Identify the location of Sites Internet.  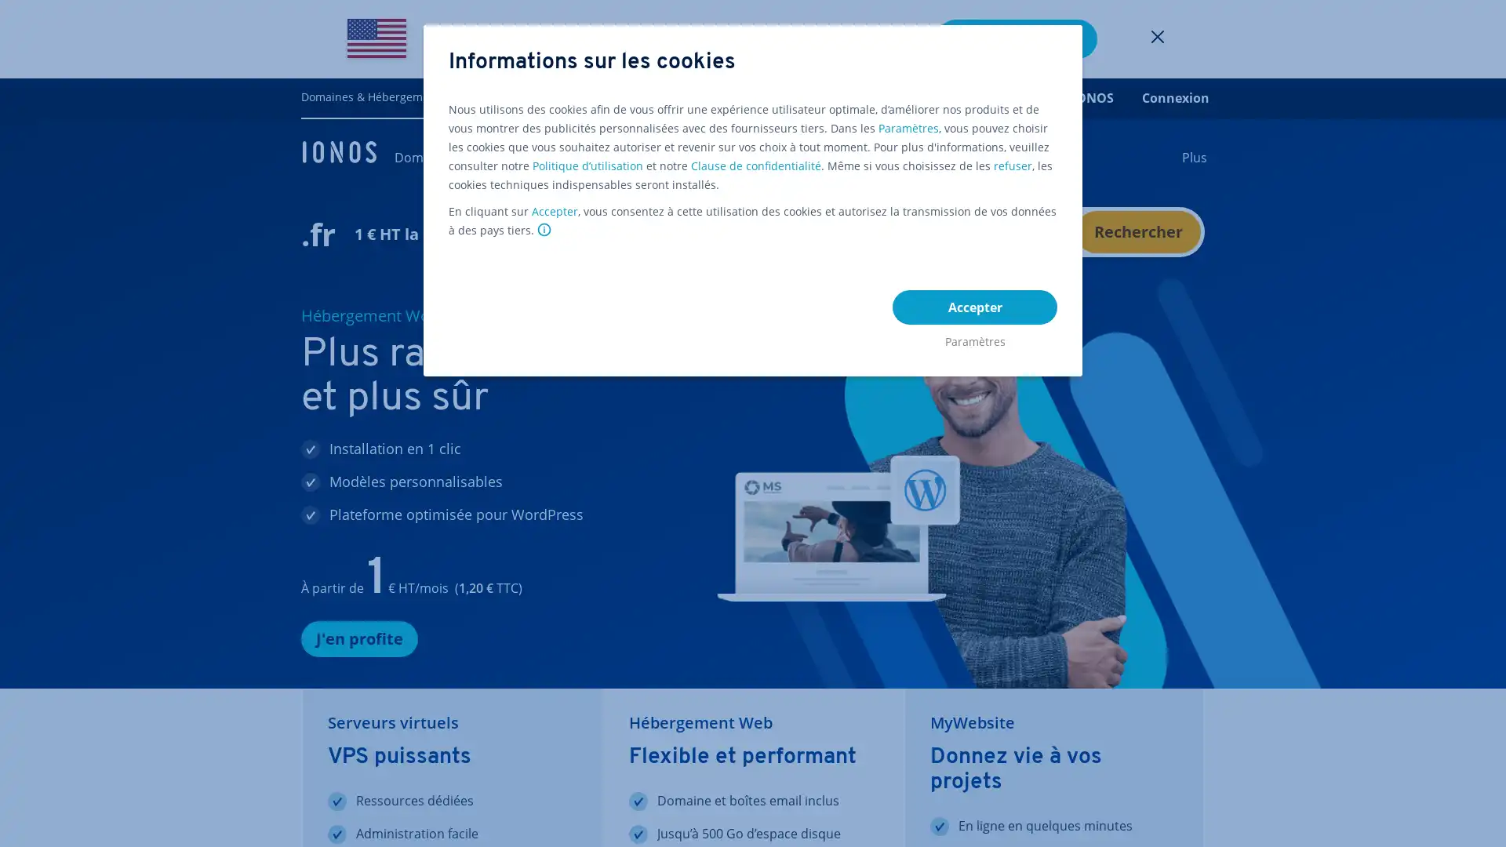
(515, 157).